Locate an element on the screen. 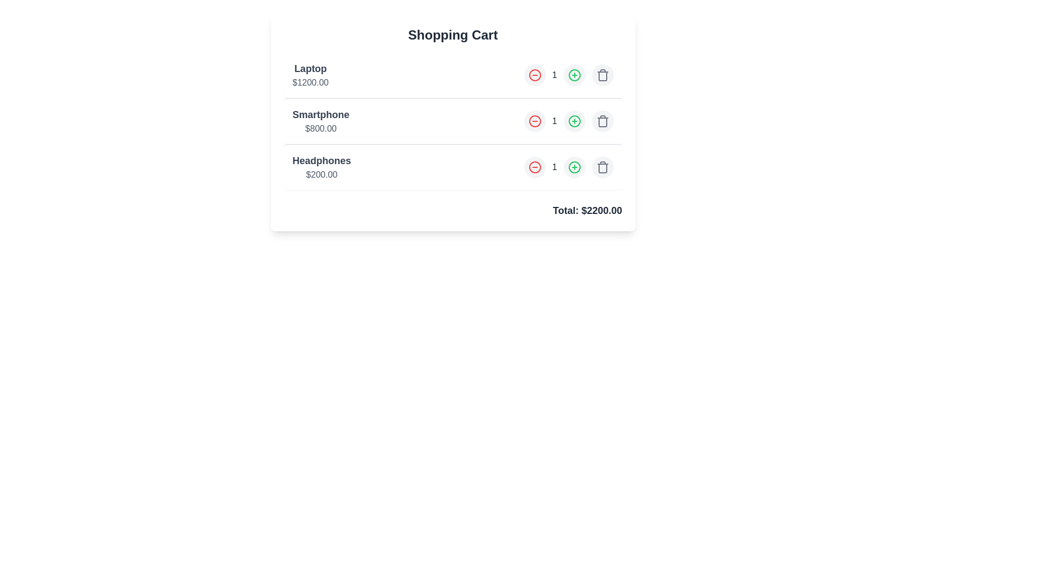 The width and height of the screenshot is (1041, 585). '+' button next to the specified item to increase its quantity by one is located at coordinates (574, 74).